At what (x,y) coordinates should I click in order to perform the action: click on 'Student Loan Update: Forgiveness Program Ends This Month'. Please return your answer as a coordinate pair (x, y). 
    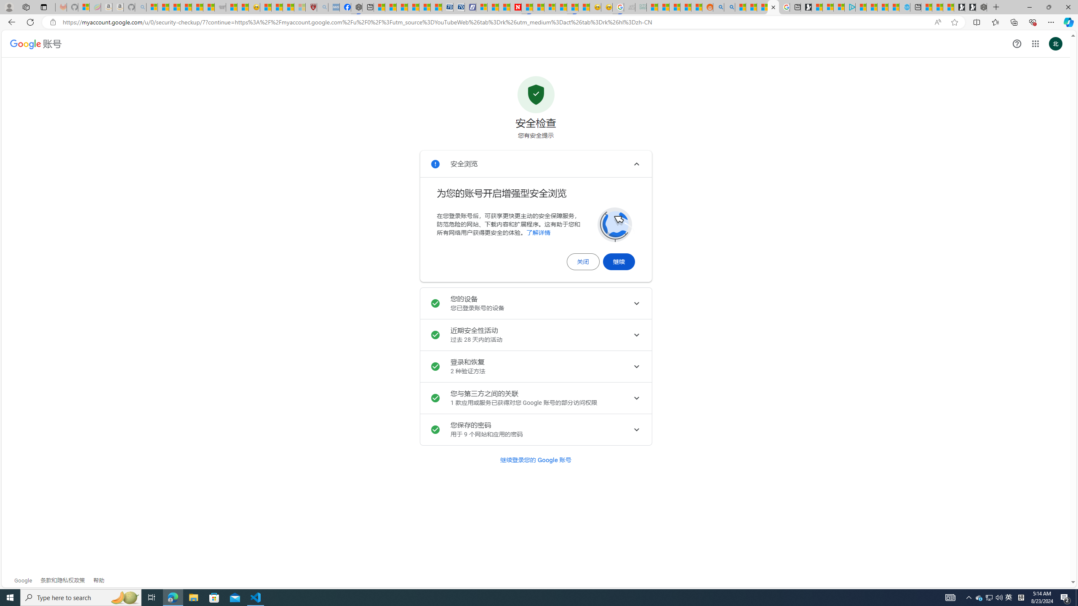
    Looking at the image, I should click on (686, 7).